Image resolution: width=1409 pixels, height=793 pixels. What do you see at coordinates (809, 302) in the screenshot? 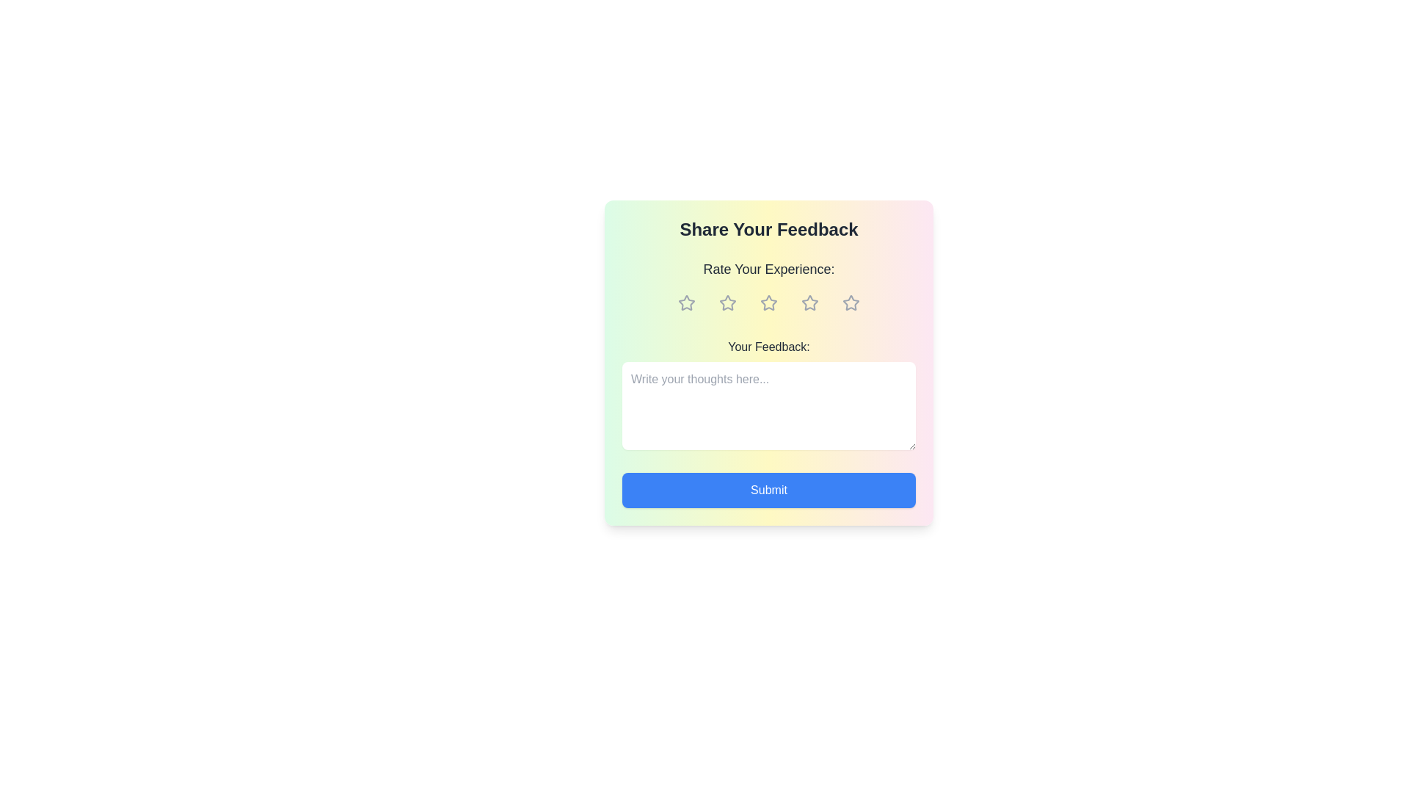
I see `the fourth star rating icon` at bounding box center [809, 302].